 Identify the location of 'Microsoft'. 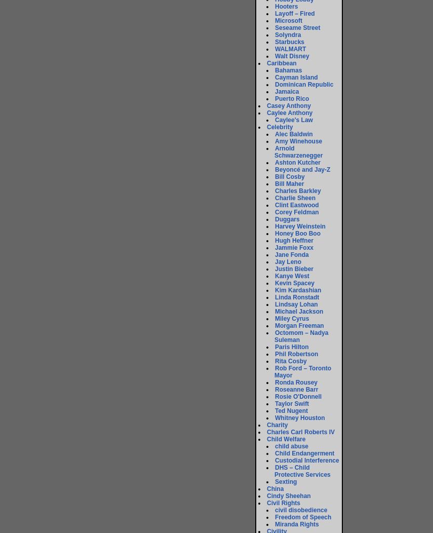
(288, 21).